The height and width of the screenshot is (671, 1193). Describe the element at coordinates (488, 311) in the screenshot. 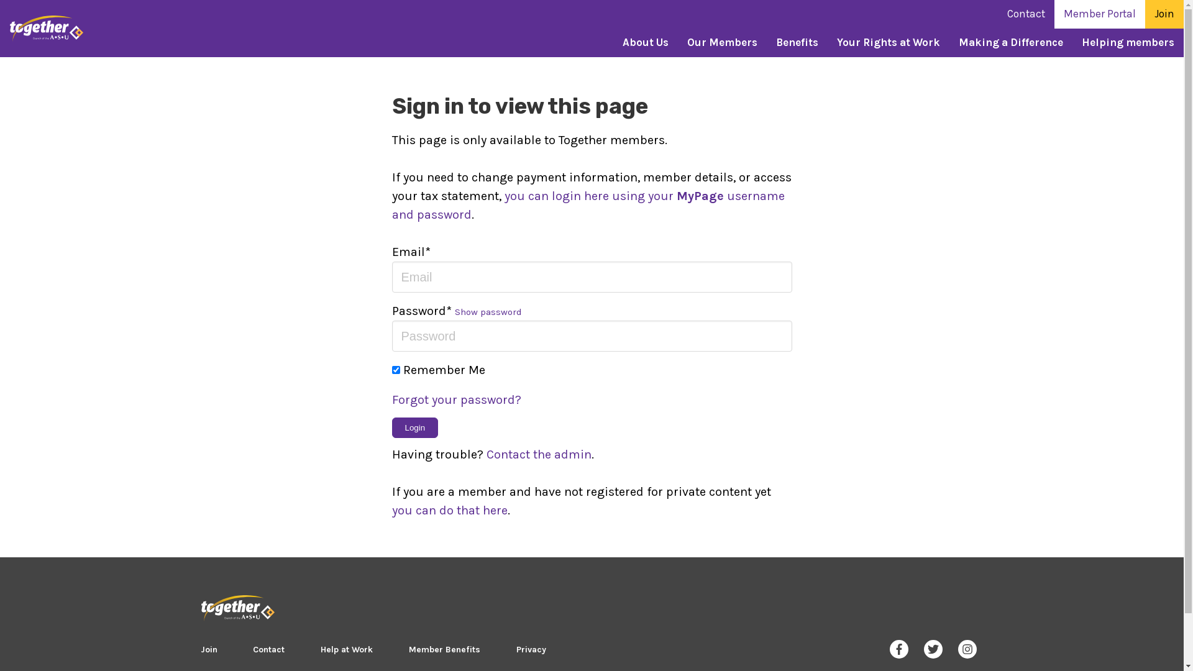

I see `'Show password'` at that location.